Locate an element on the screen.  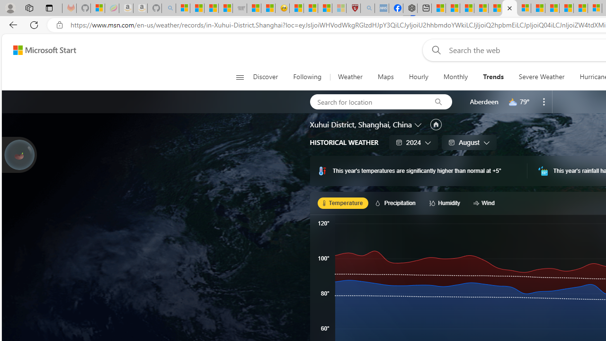
'Change location' is located at coordinates (419, 124).